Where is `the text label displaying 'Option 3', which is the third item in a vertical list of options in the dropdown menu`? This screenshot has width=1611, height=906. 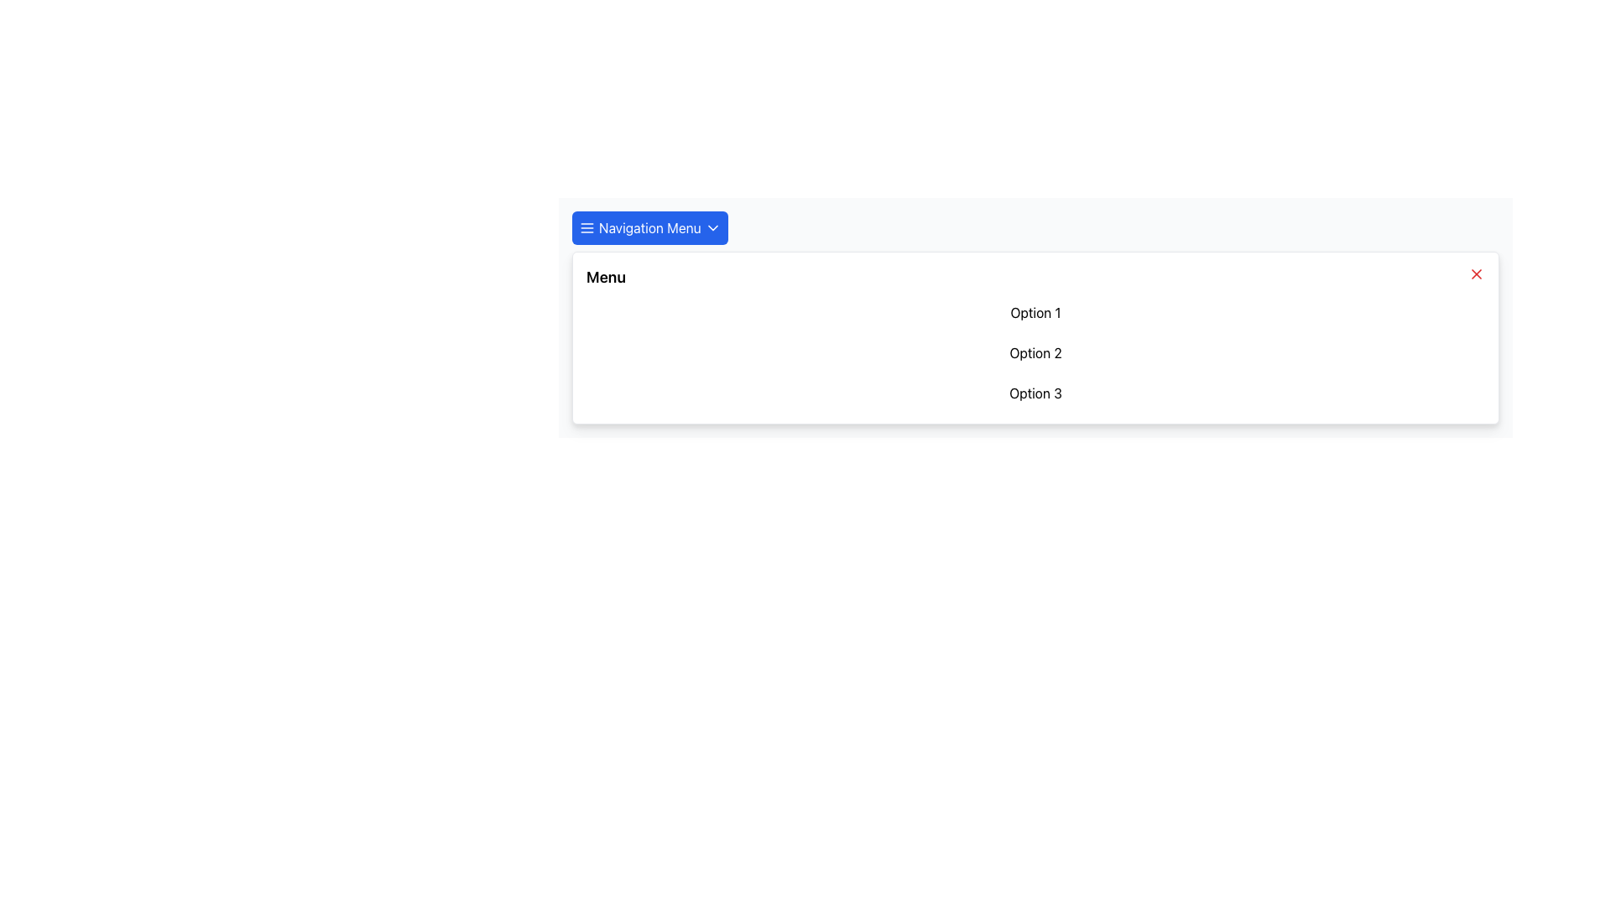 the text label displaying 'Option 3', which is the third item in a vertical list of options in the dropdown menu is located at coordinates (1035, 393).